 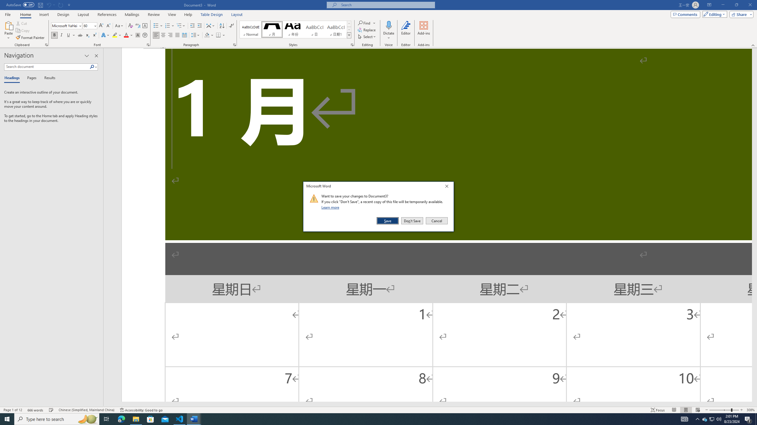 What do you see at coordinates (231, 26) in the screenshot?
I see `'Show/Hide Editing Marks'` at bounding box center [231, 26].